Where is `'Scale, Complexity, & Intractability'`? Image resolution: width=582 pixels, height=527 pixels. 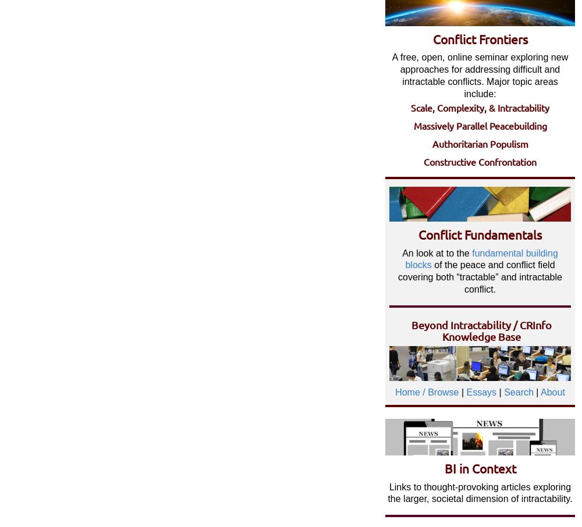 'Scale, Complexity, & Intractability' is located at coordinates (410, 106).